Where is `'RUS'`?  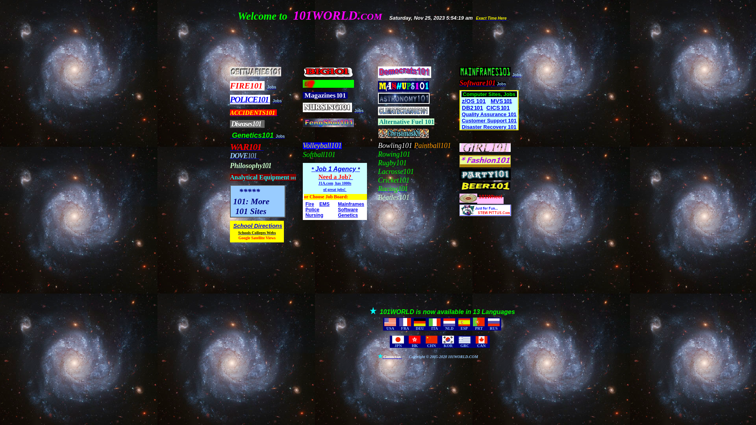 'RUS' is located at coordinates (493, 328).